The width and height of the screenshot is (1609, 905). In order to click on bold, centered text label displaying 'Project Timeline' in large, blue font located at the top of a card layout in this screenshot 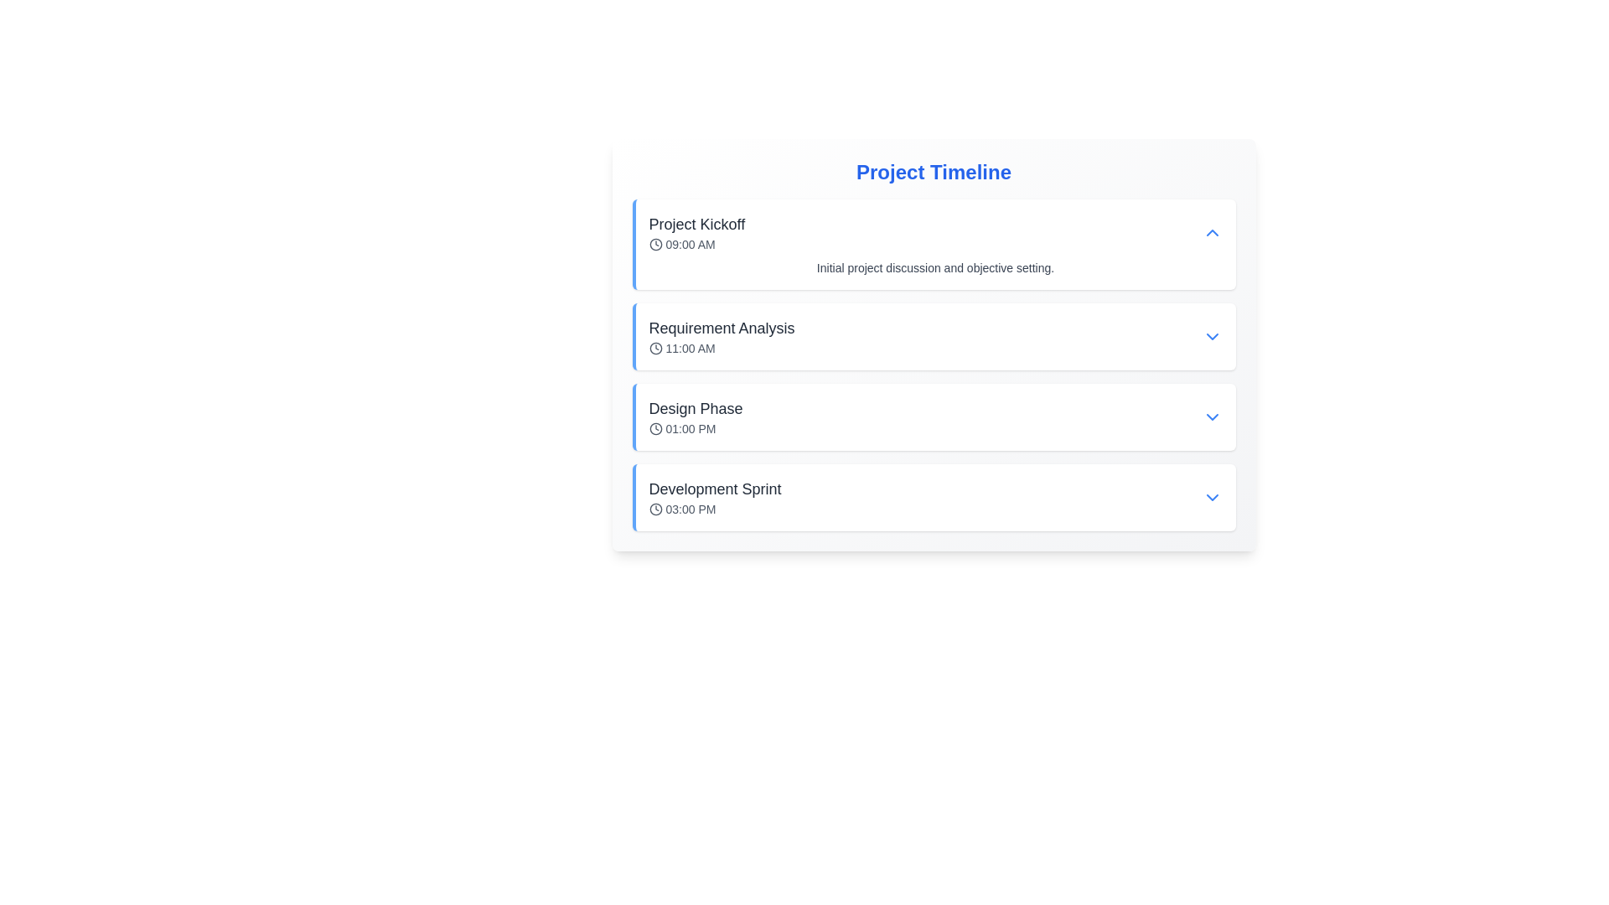, I will do `click(933, 172)`.